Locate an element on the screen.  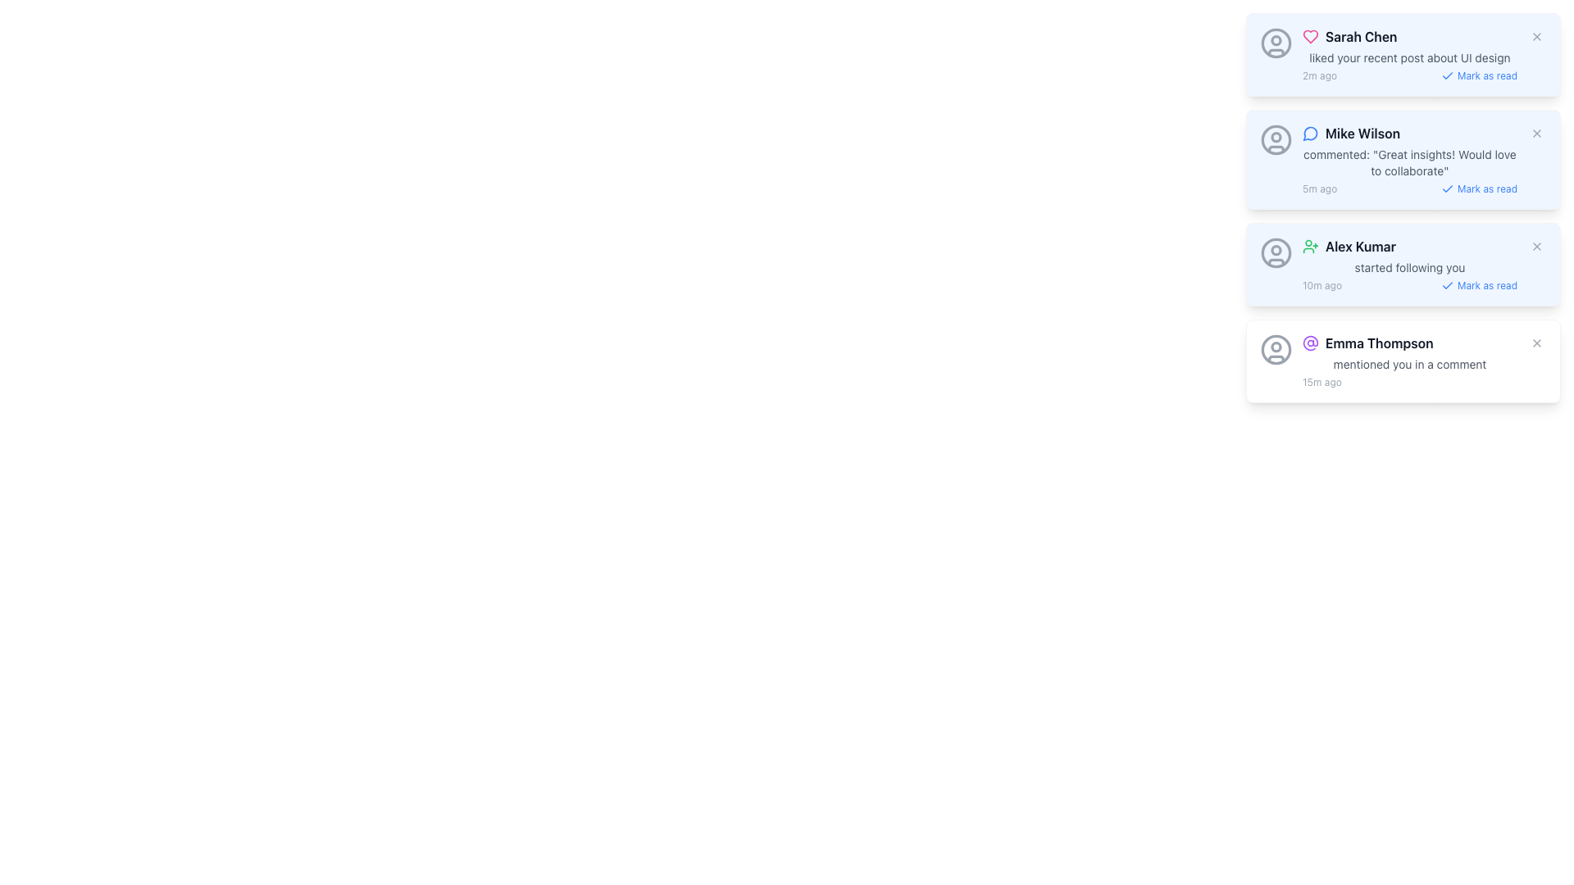
the SVG Circle element representing a user profile icon in the notification bar is located at coordinates (1275, 346).